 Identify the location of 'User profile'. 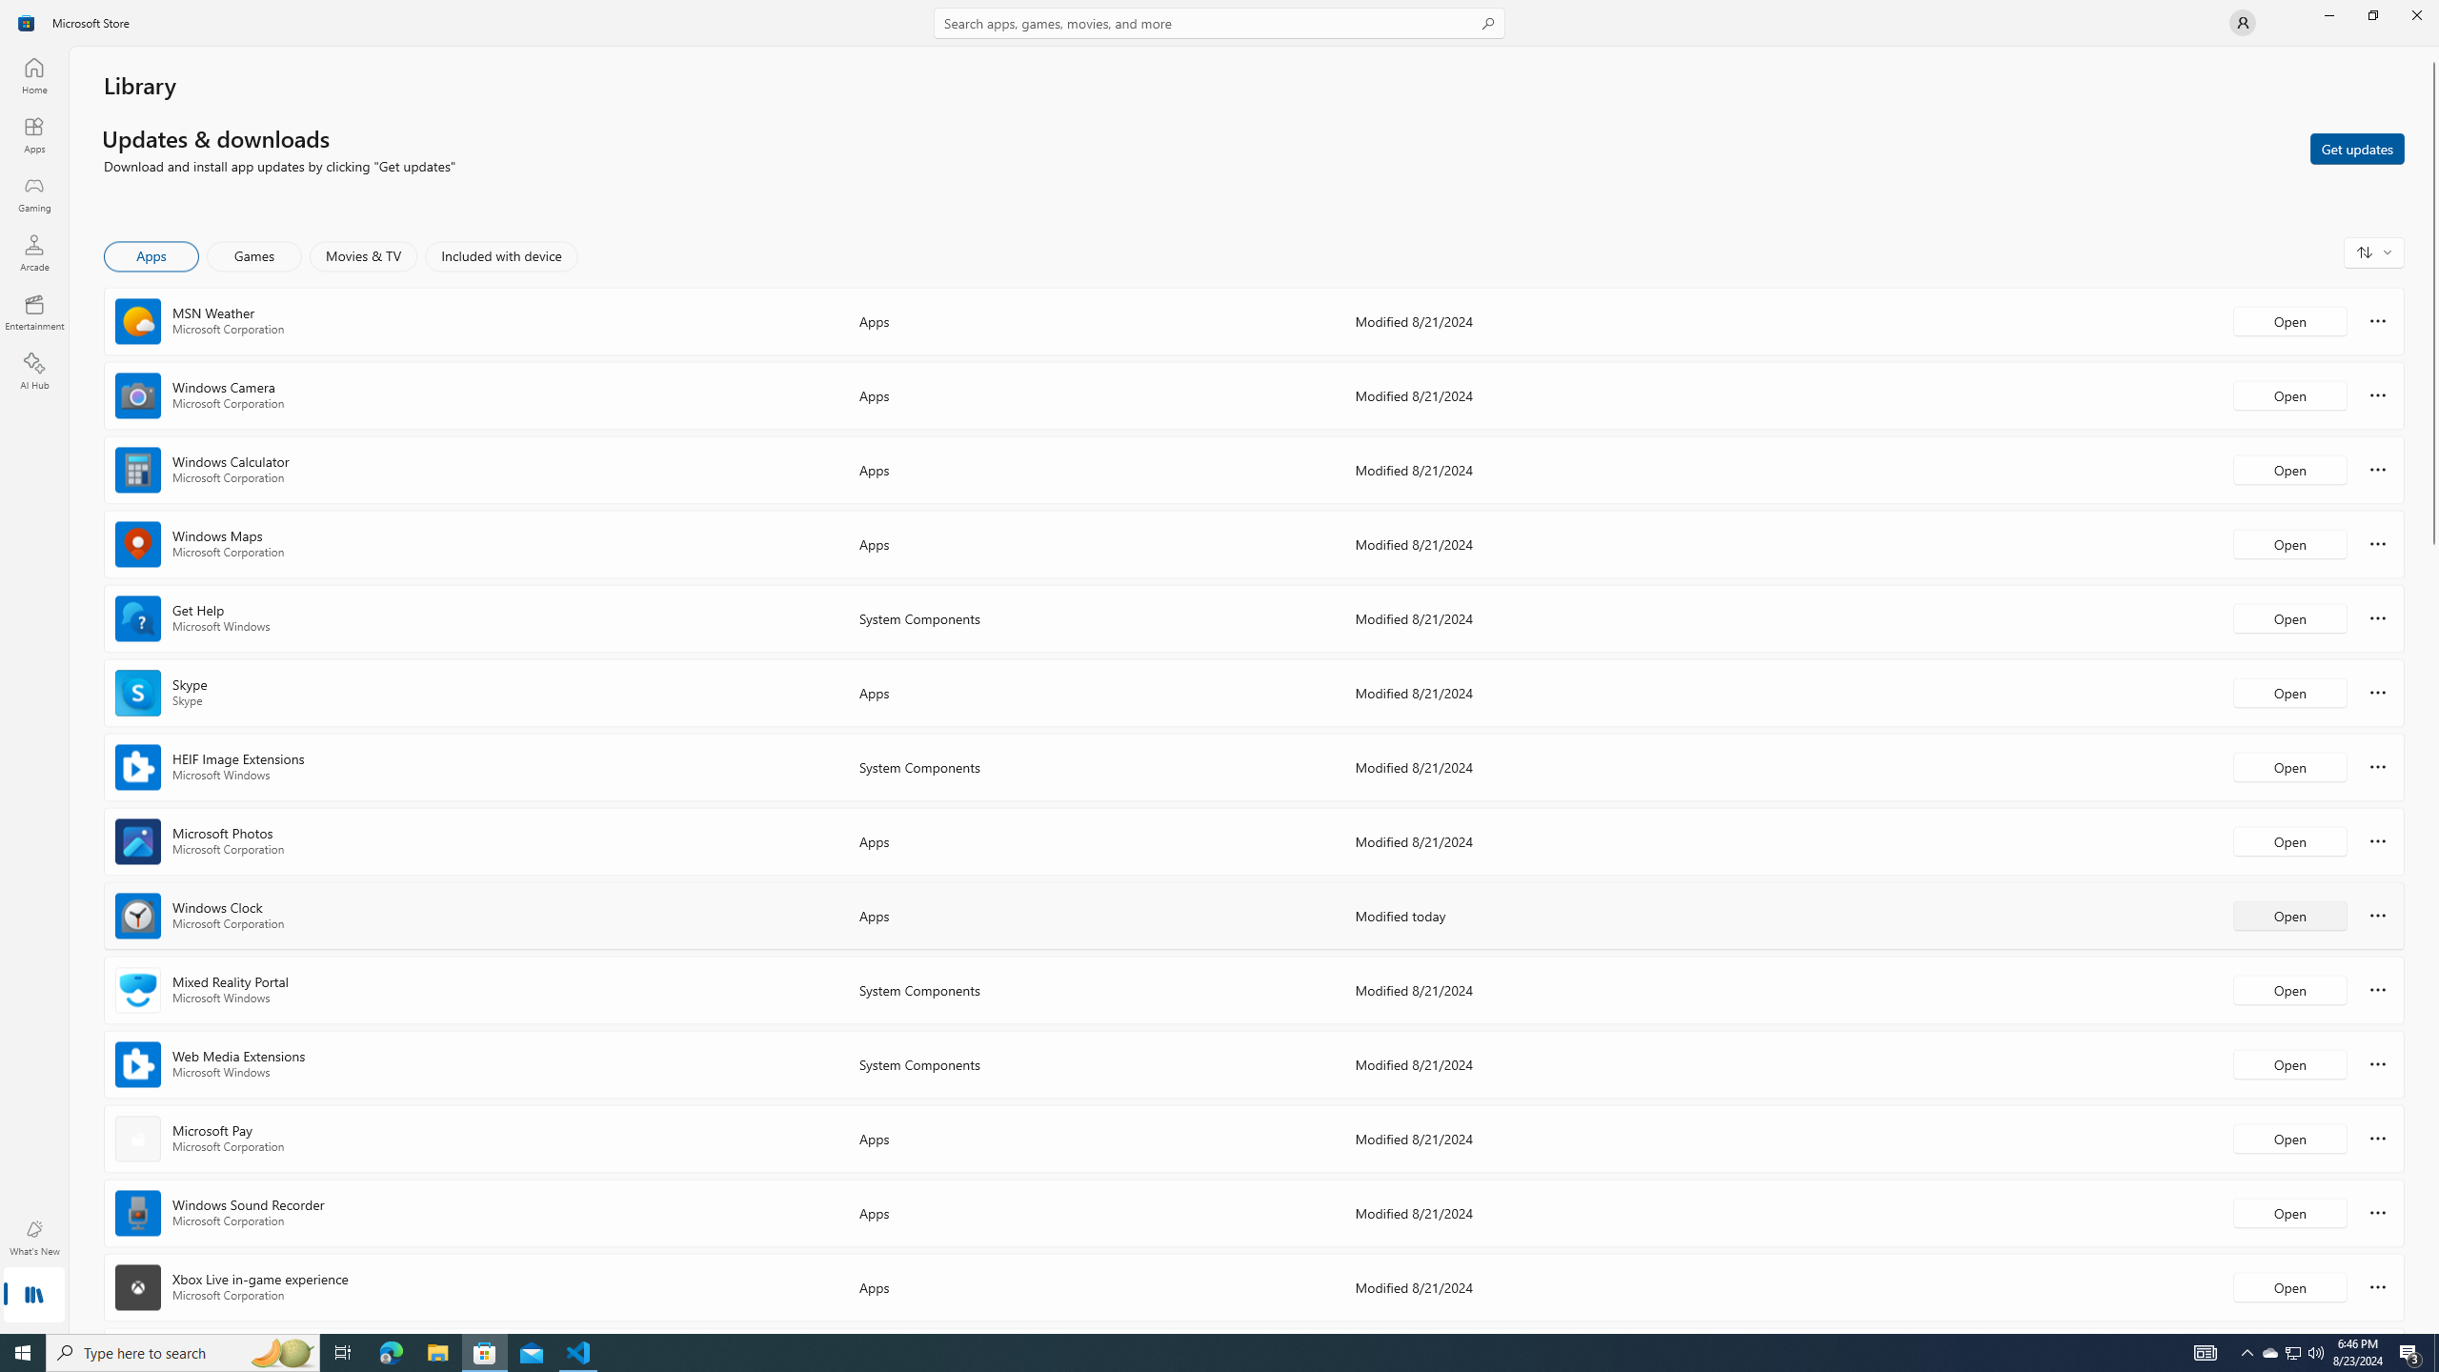
(2241, 21).